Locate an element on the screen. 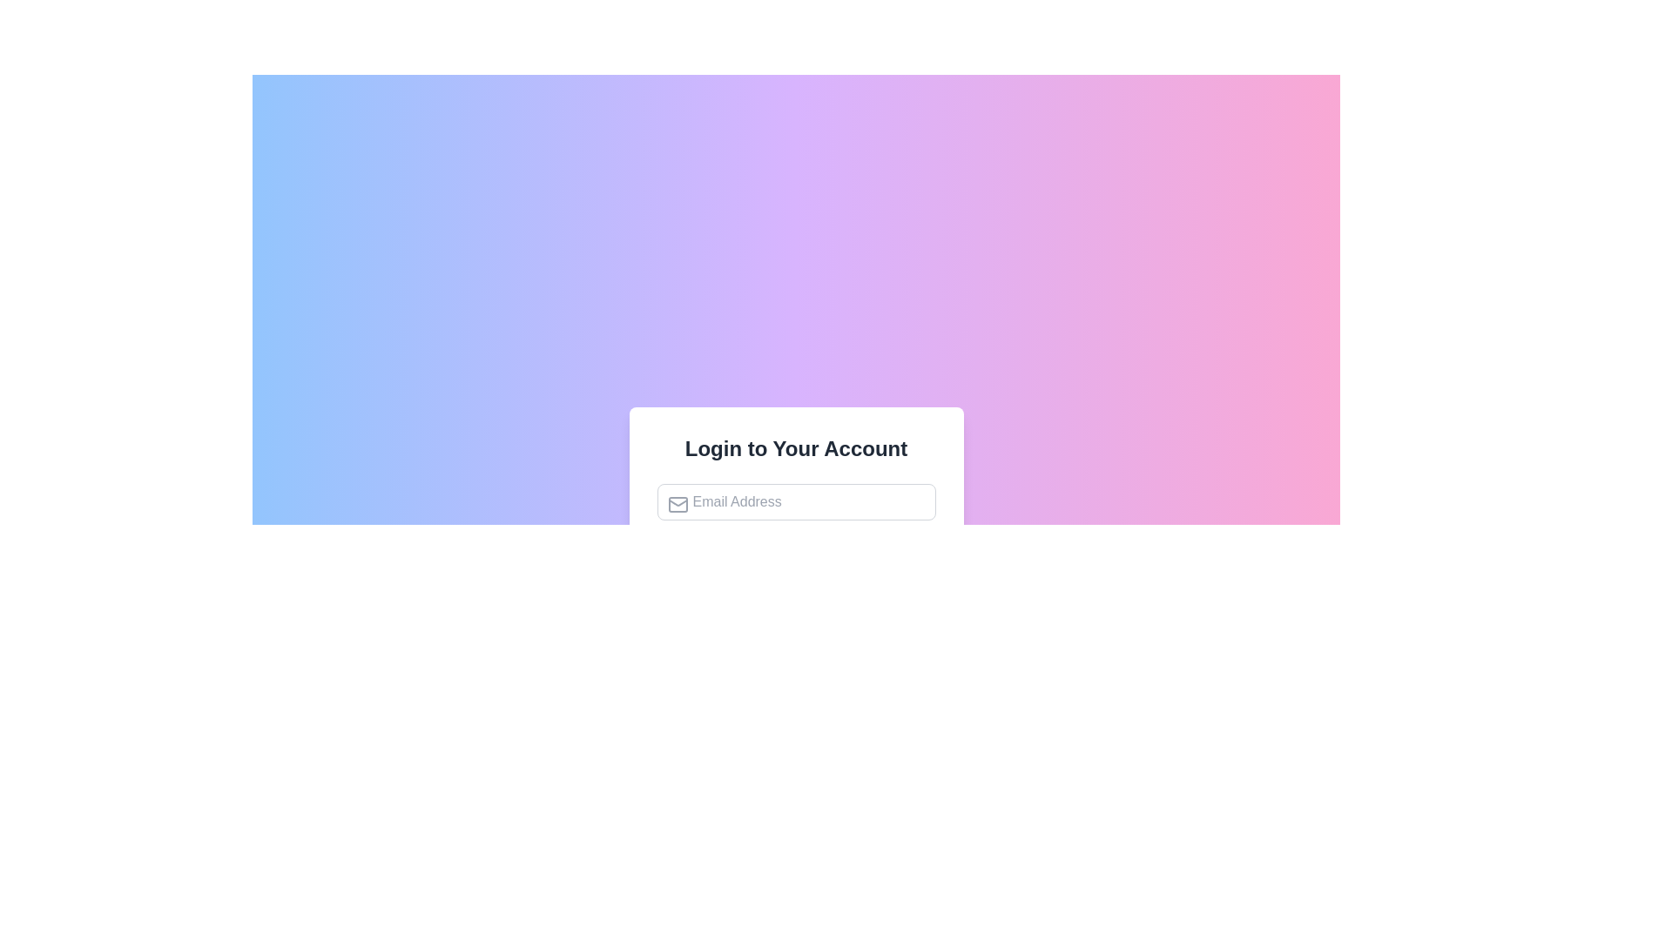  the gray mail icon, which is a rectangular envelope shape with a flap, located to the left of the email input field in the login interface is located at coordinates (677, 504).